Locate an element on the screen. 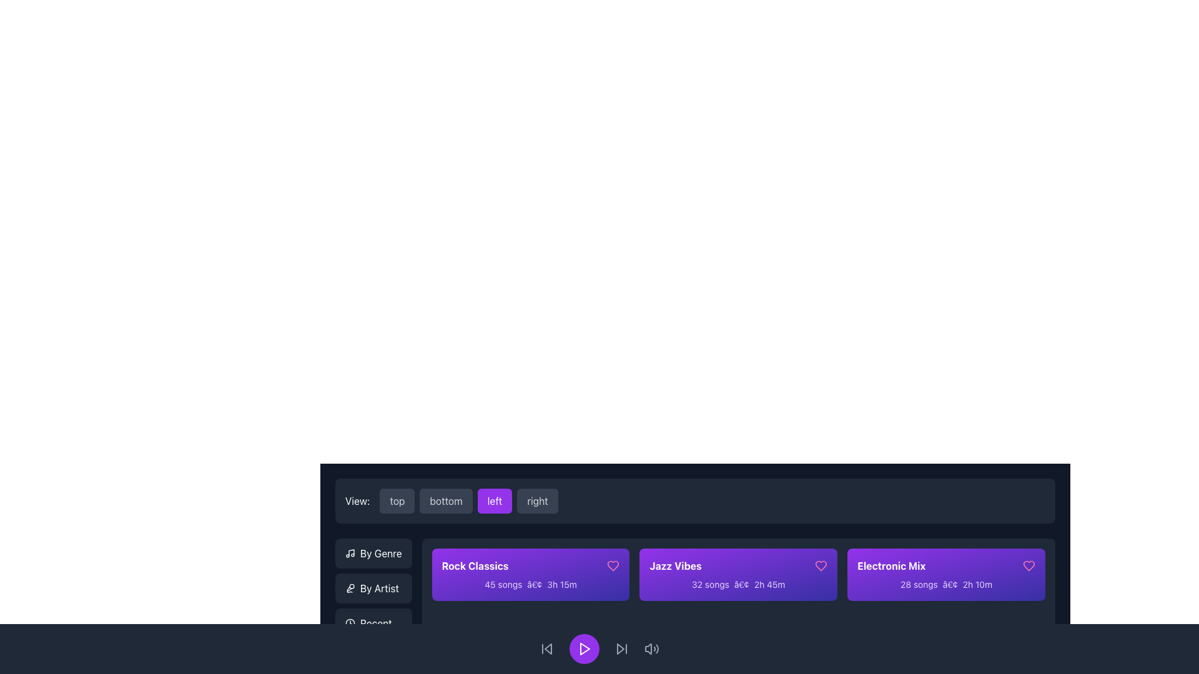 The height and width of the screenshot is (674, 1199). the circular clock icon located in the 'Recent' section, positioned to the immediate left of the text 'Recent' is located at coordinates (350, 623).